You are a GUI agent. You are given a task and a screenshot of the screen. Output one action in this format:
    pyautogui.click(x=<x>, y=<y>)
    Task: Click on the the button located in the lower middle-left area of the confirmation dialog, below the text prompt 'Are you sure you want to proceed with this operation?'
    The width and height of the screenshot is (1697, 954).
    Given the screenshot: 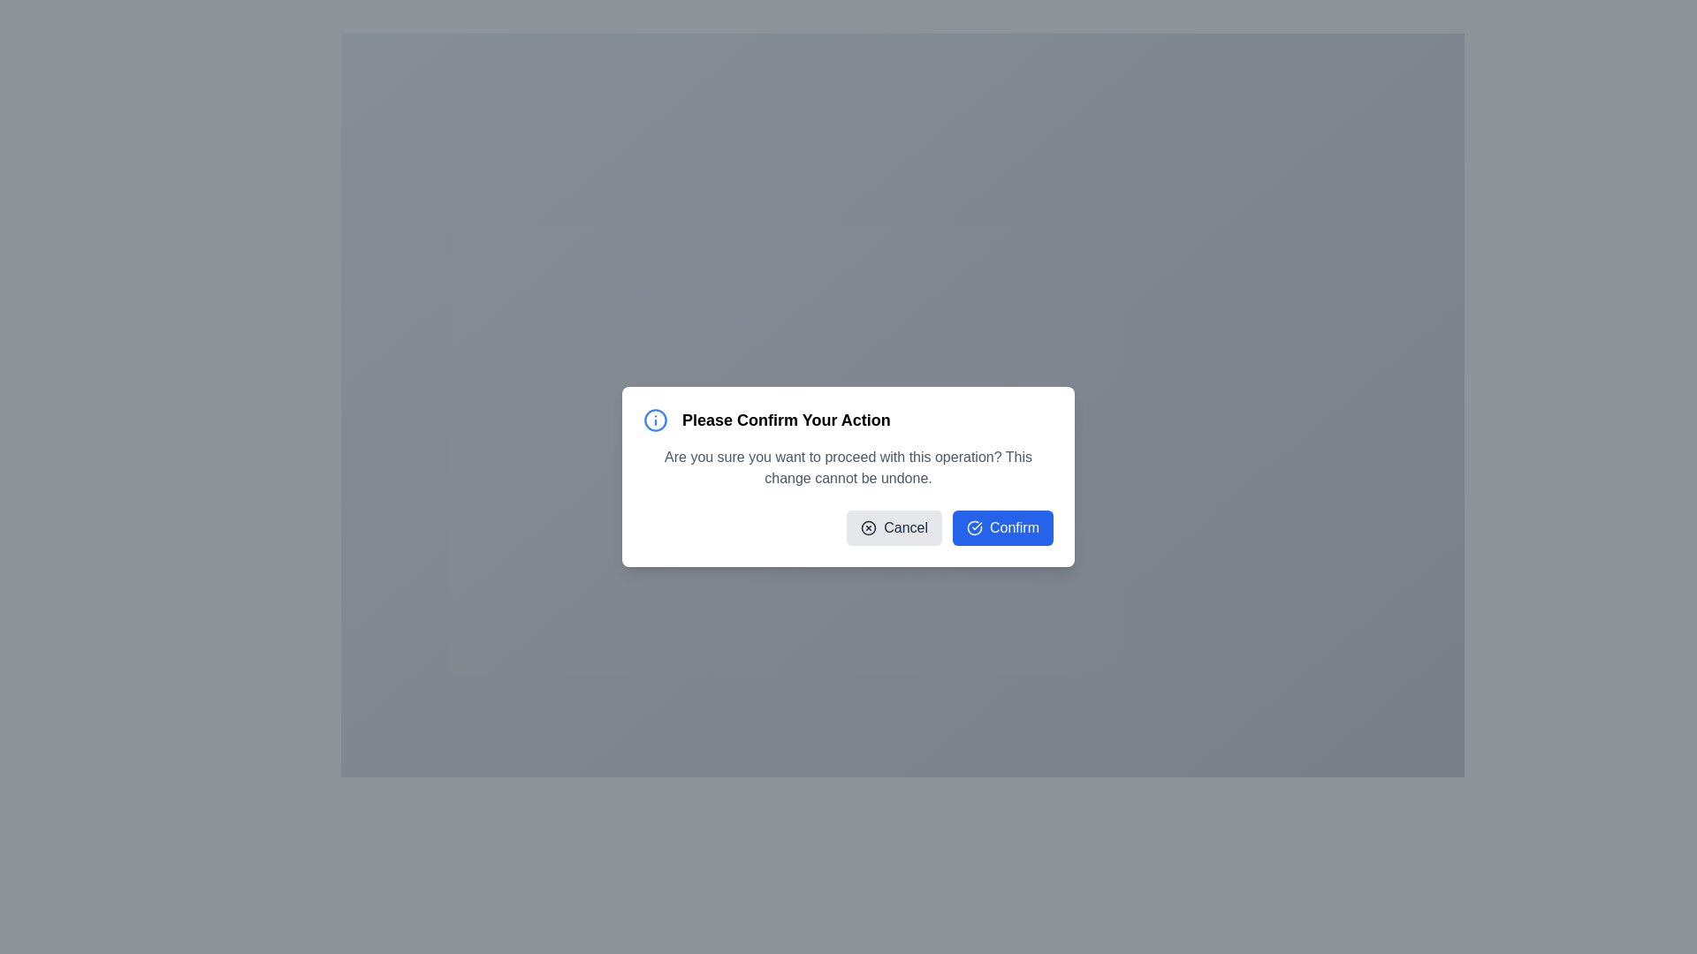 What is the action you would take?
    pyautogui.click(x=902, y=511)
    